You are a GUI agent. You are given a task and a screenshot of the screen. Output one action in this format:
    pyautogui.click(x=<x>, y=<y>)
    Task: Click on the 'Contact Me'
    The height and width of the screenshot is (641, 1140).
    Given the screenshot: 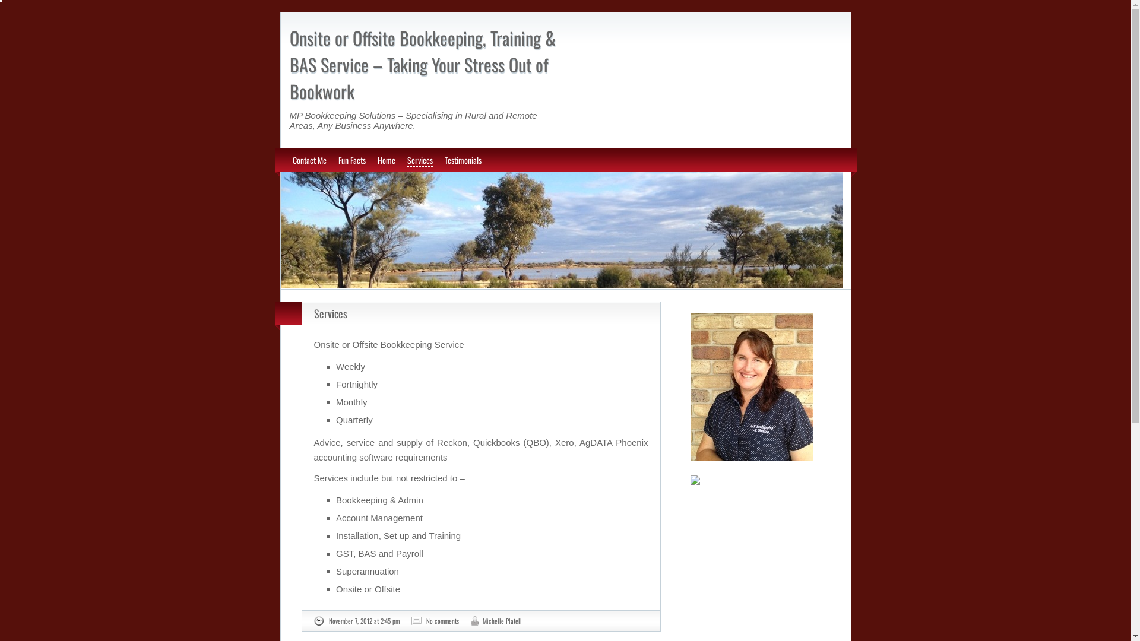 What is the action you would take?
    pyautogui.click(x=309, y=159)
    